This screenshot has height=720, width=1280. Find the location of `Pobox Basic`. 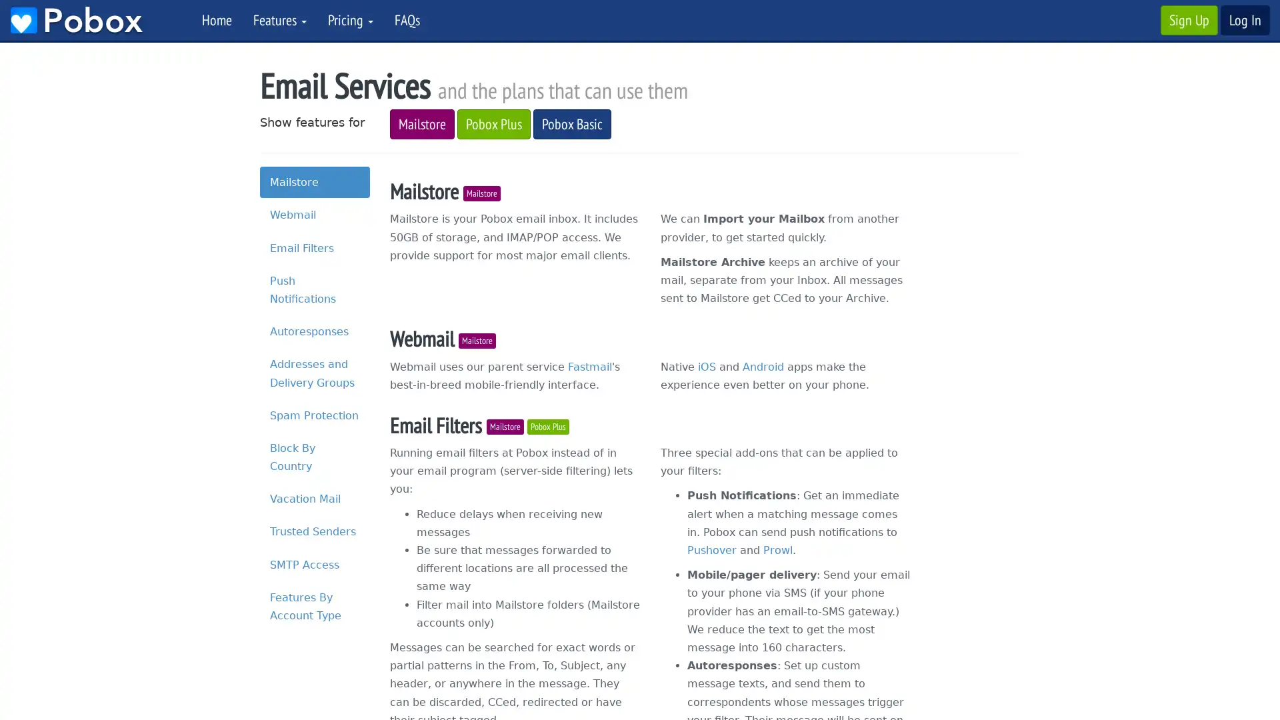

Pobox Basic is located at coordinates (572, 123).